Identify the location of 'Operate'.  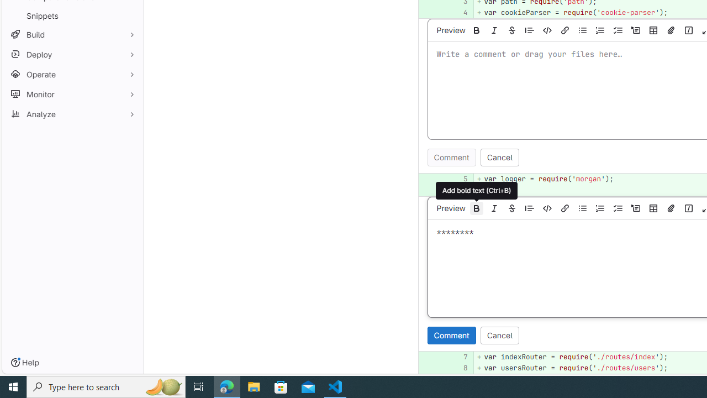
(72, 74).